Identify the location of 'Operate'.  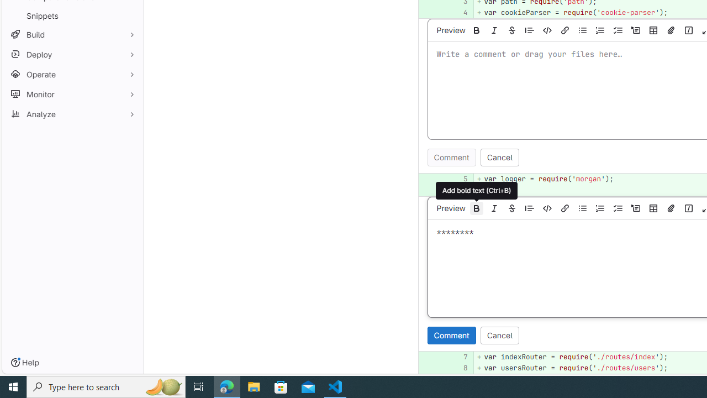
(72, 74).